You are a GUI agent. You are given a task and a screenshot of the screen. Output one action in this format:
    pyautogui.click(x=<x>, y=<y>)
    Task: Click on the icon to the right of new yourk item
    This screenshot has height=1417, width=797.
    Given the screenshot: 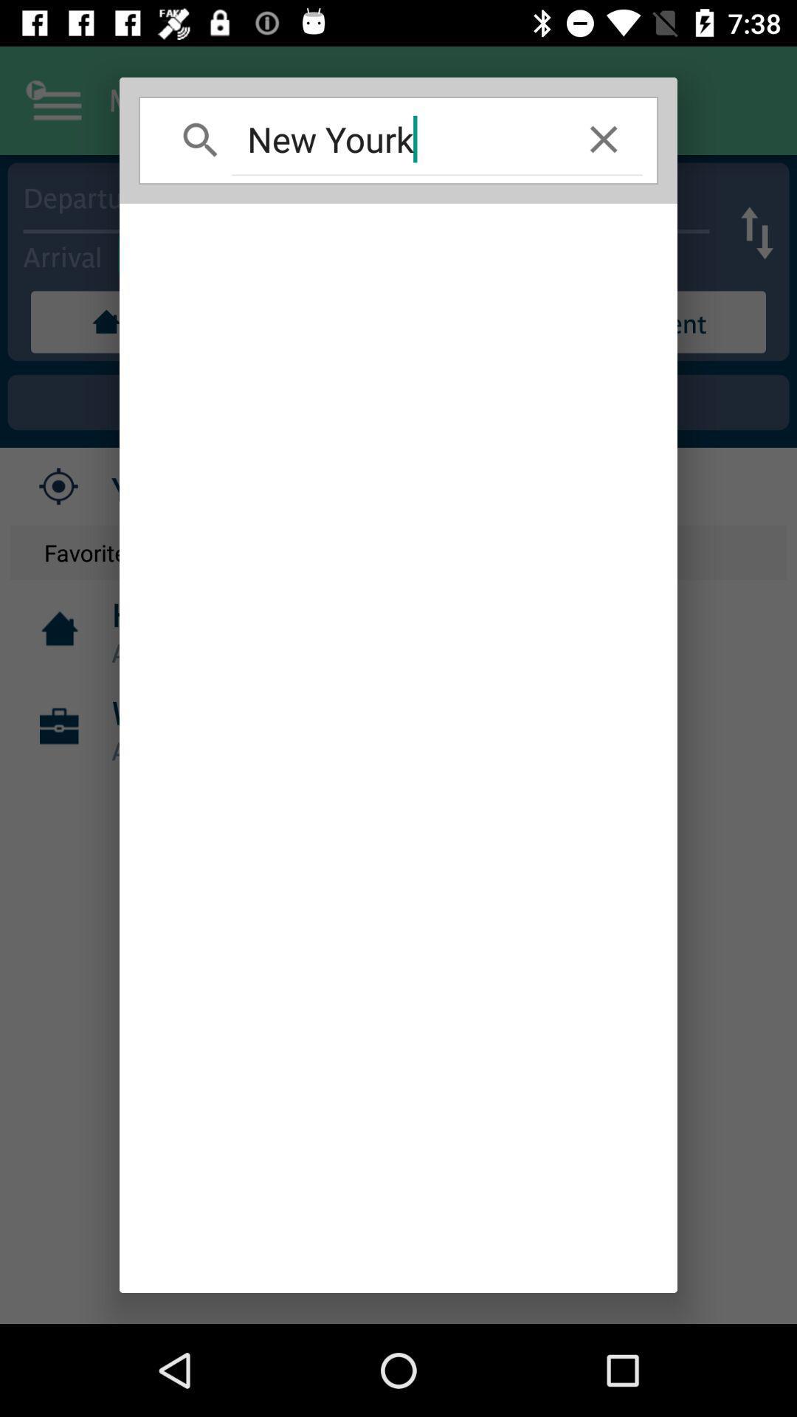 What is the action you would take?
    pyautogui.click(x=604, y=139)
    